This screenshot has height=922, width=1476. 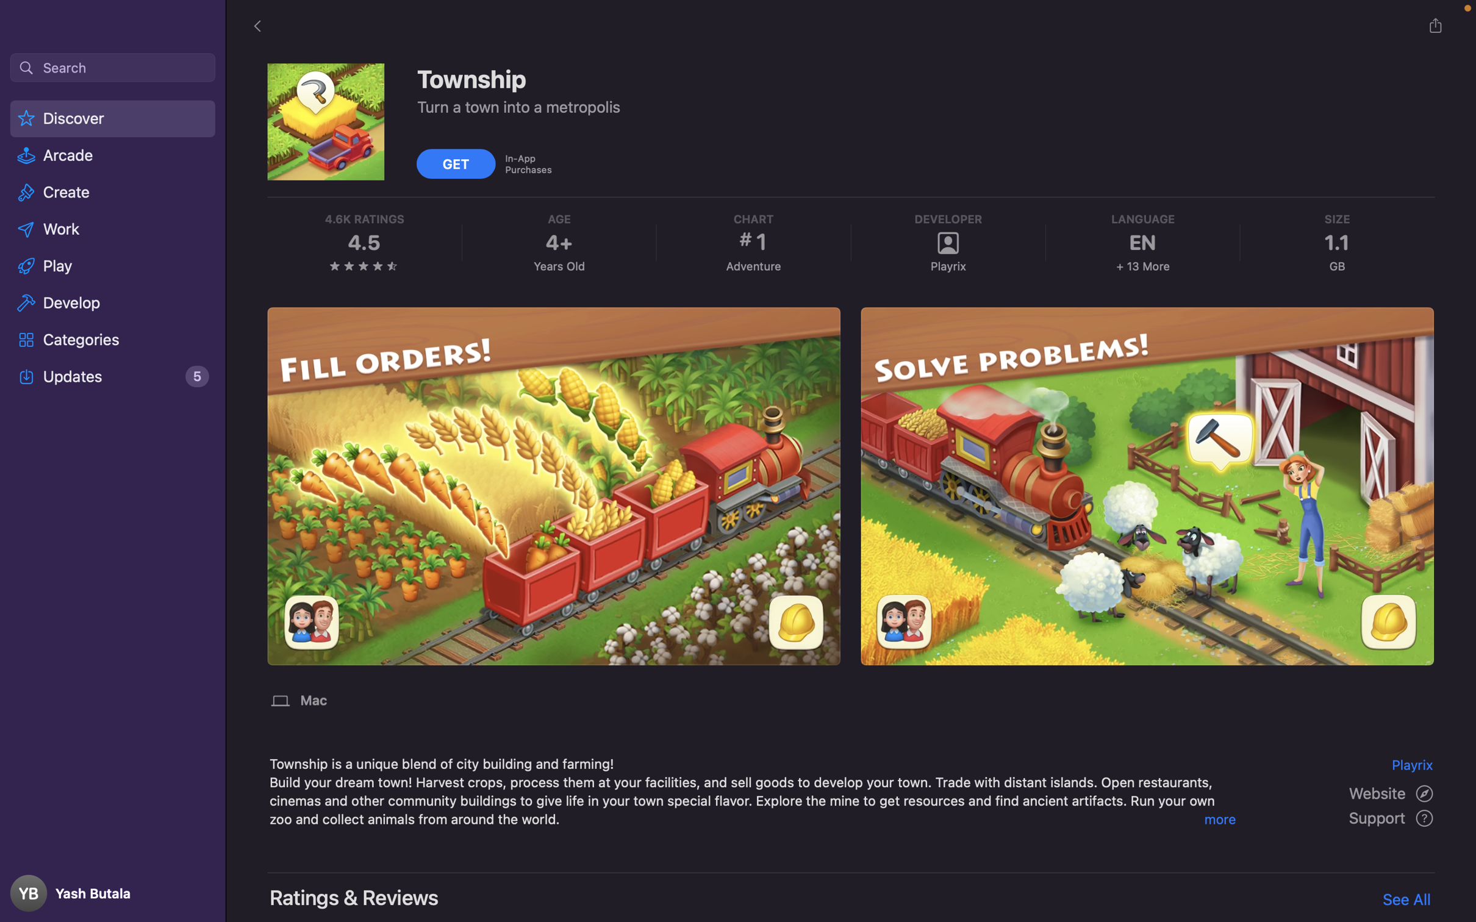 What do you see at coordinates (1392, 818) in the screenshot?
I see `the "Support" button and then select the "Contact Us" option to contact customer support` at bounding box center [1392, 818].